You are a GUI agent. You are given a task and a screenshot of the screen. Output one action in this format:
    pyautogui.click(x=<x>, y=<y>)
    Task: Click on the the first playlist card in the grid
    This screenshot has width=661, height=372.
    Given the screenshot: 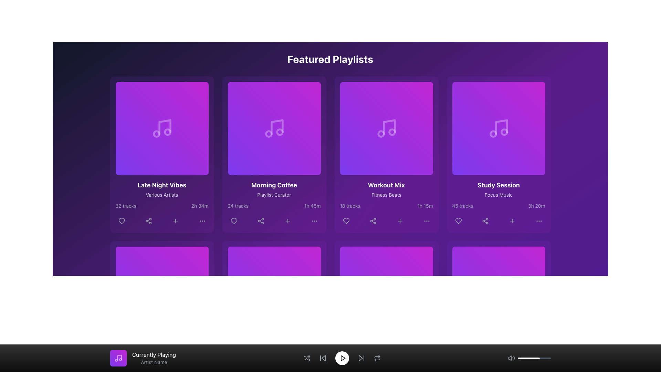 What is the action you would take?
    pyautogui.click(x=161, y=154)
    